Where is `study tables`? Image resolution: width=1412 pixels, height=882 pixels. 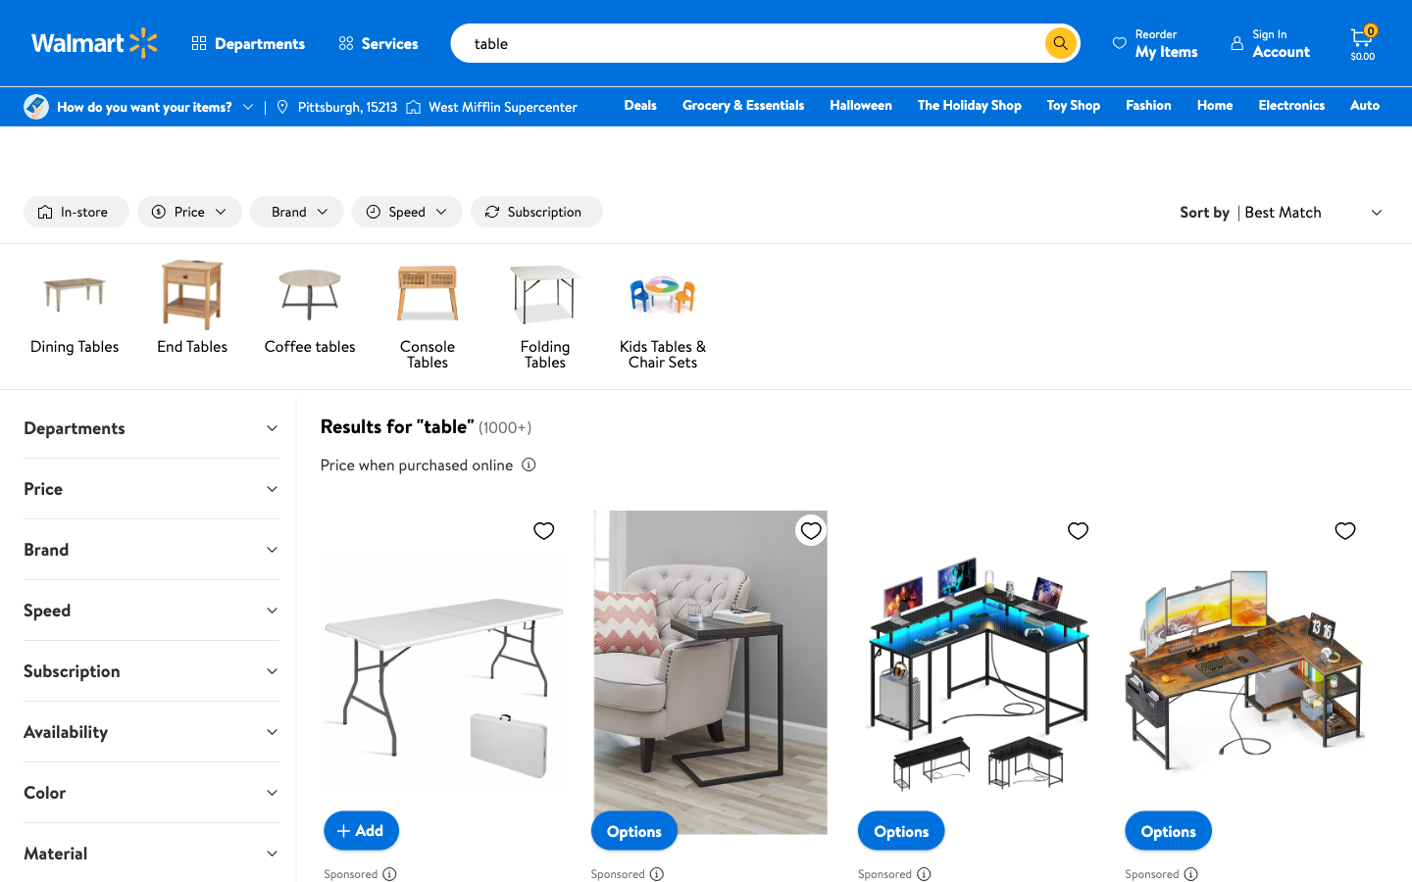 study tables is located at coordinates (1030, 42).